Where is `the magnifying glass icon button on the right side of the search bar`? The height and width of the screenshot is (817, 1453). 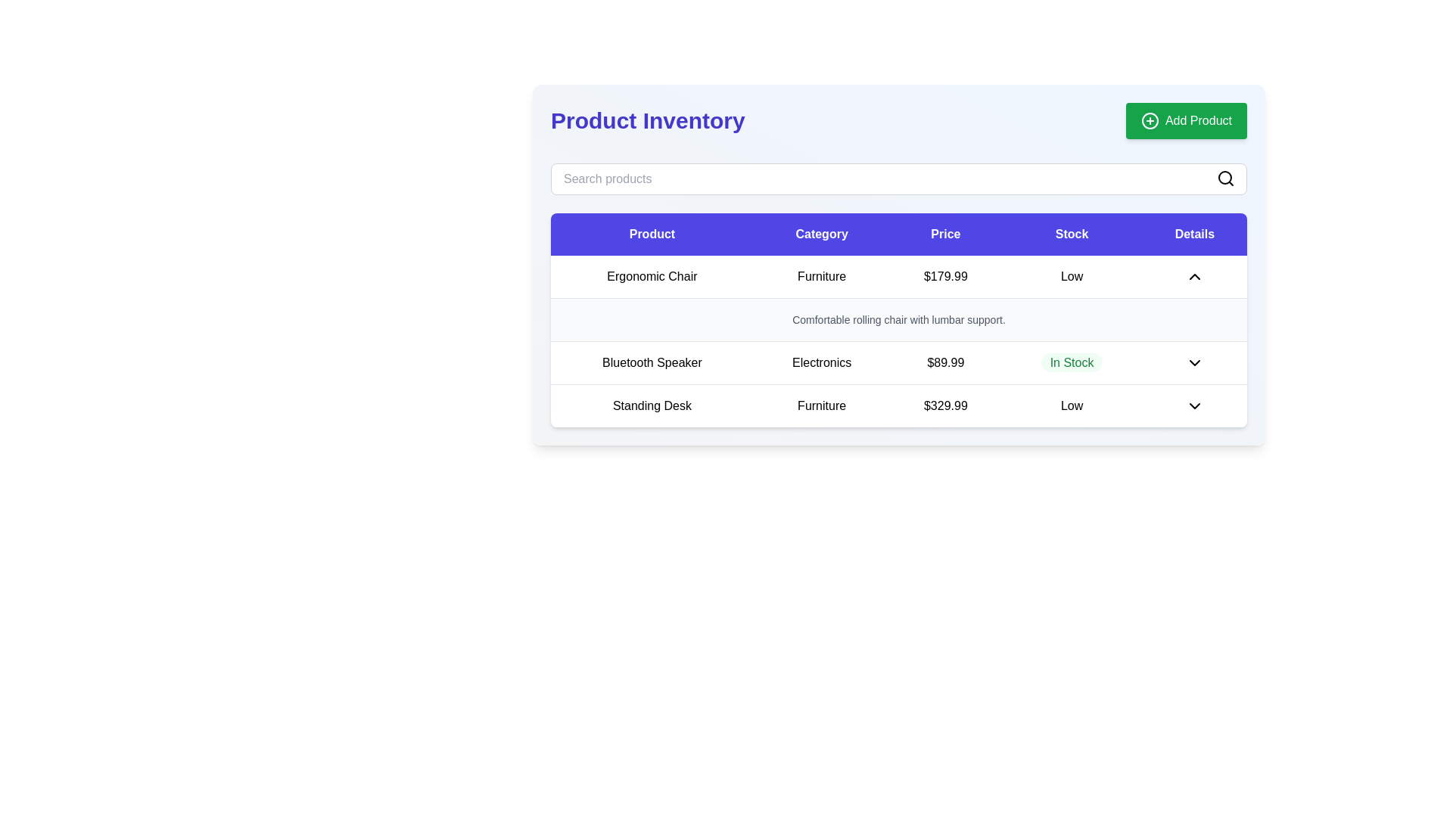 the magnifying glass icon button on the right side of the search bar is located at coordinates (1226, 177).